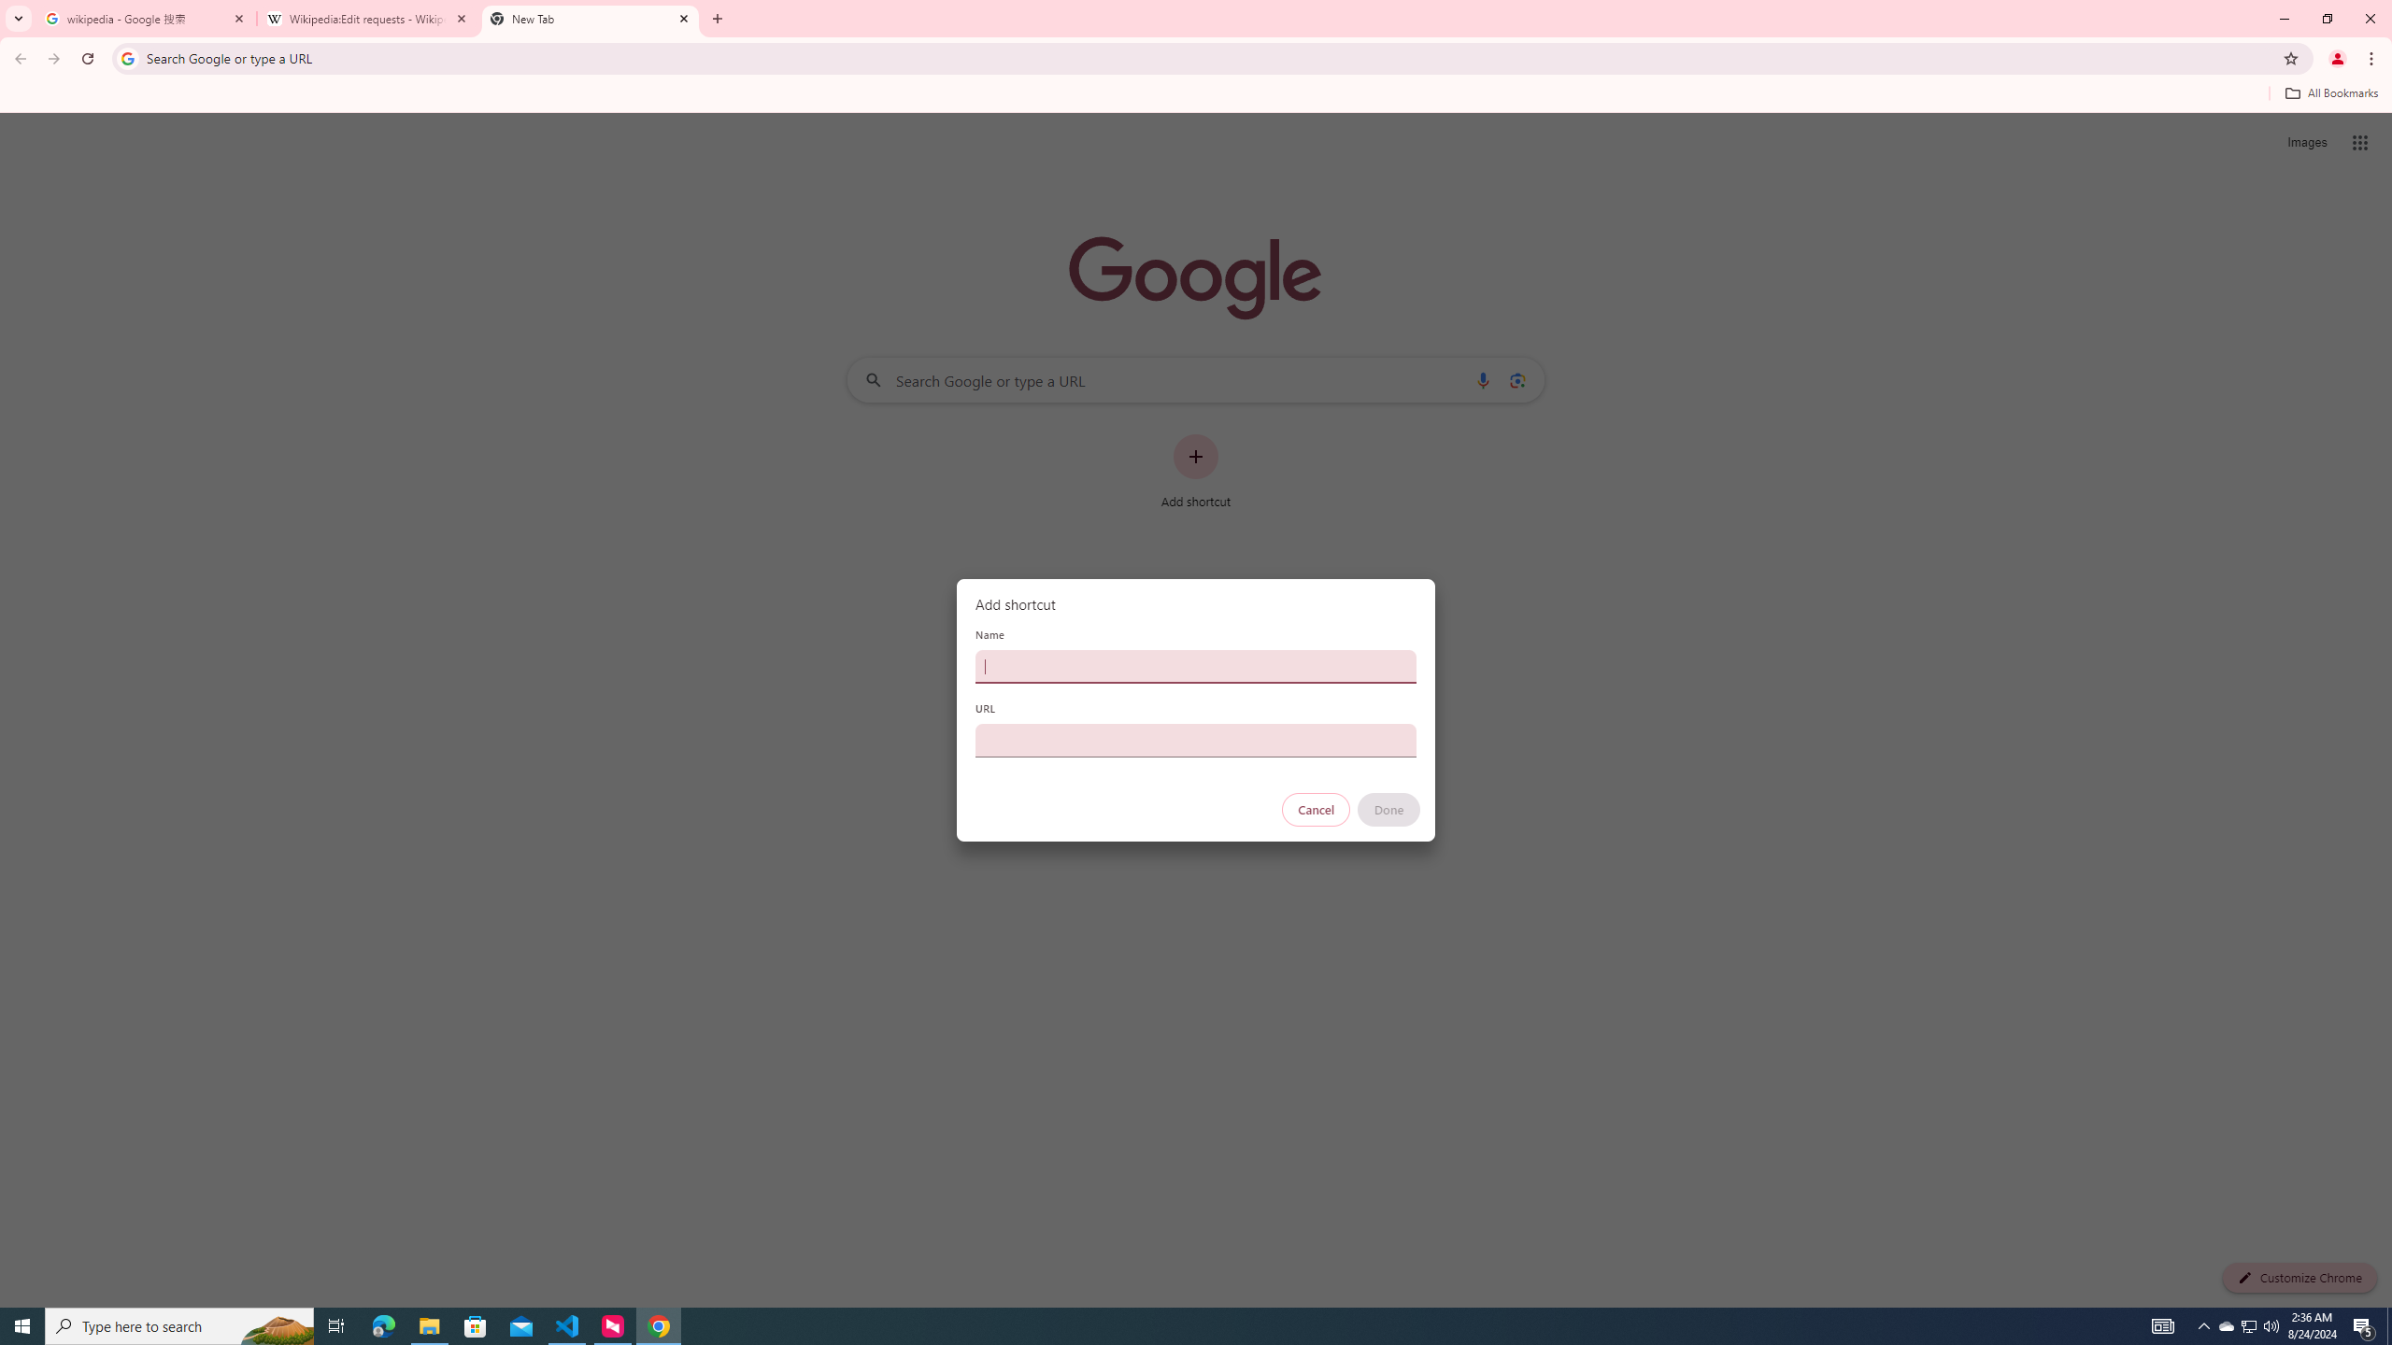  Describe the element at coordinates (368, 18) in the screenshot. I see `'Wikipedia:Edit requests - Wikipedia'` at that location.